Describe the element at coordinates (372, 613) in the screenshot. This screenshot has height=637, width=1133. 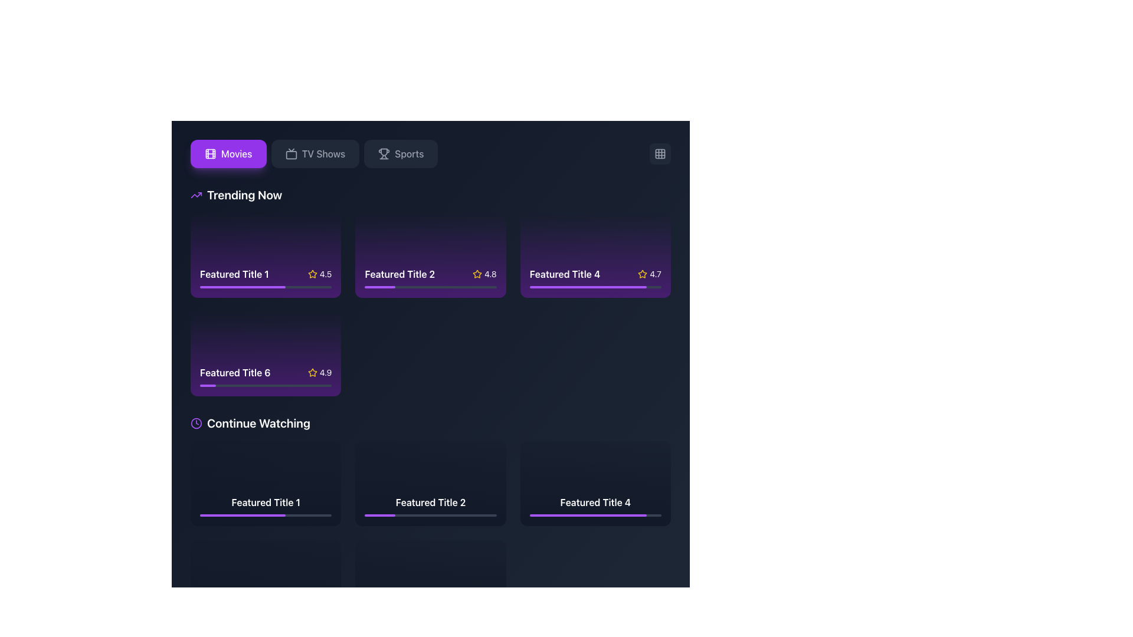
I see `the purple-filled segment of the progress bar located under the 'Continue Watching' section, beneath 'Featured Title 1', to possibly display additional information` at that location.